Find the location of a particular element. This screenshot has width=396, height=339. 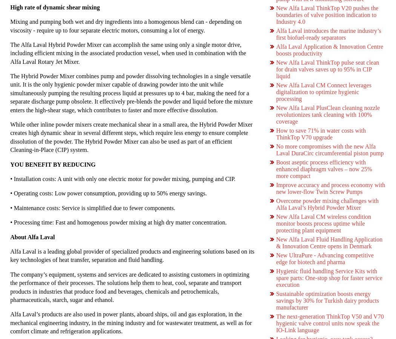

'About Alfa Laval' is located at coordinates (32, 237).